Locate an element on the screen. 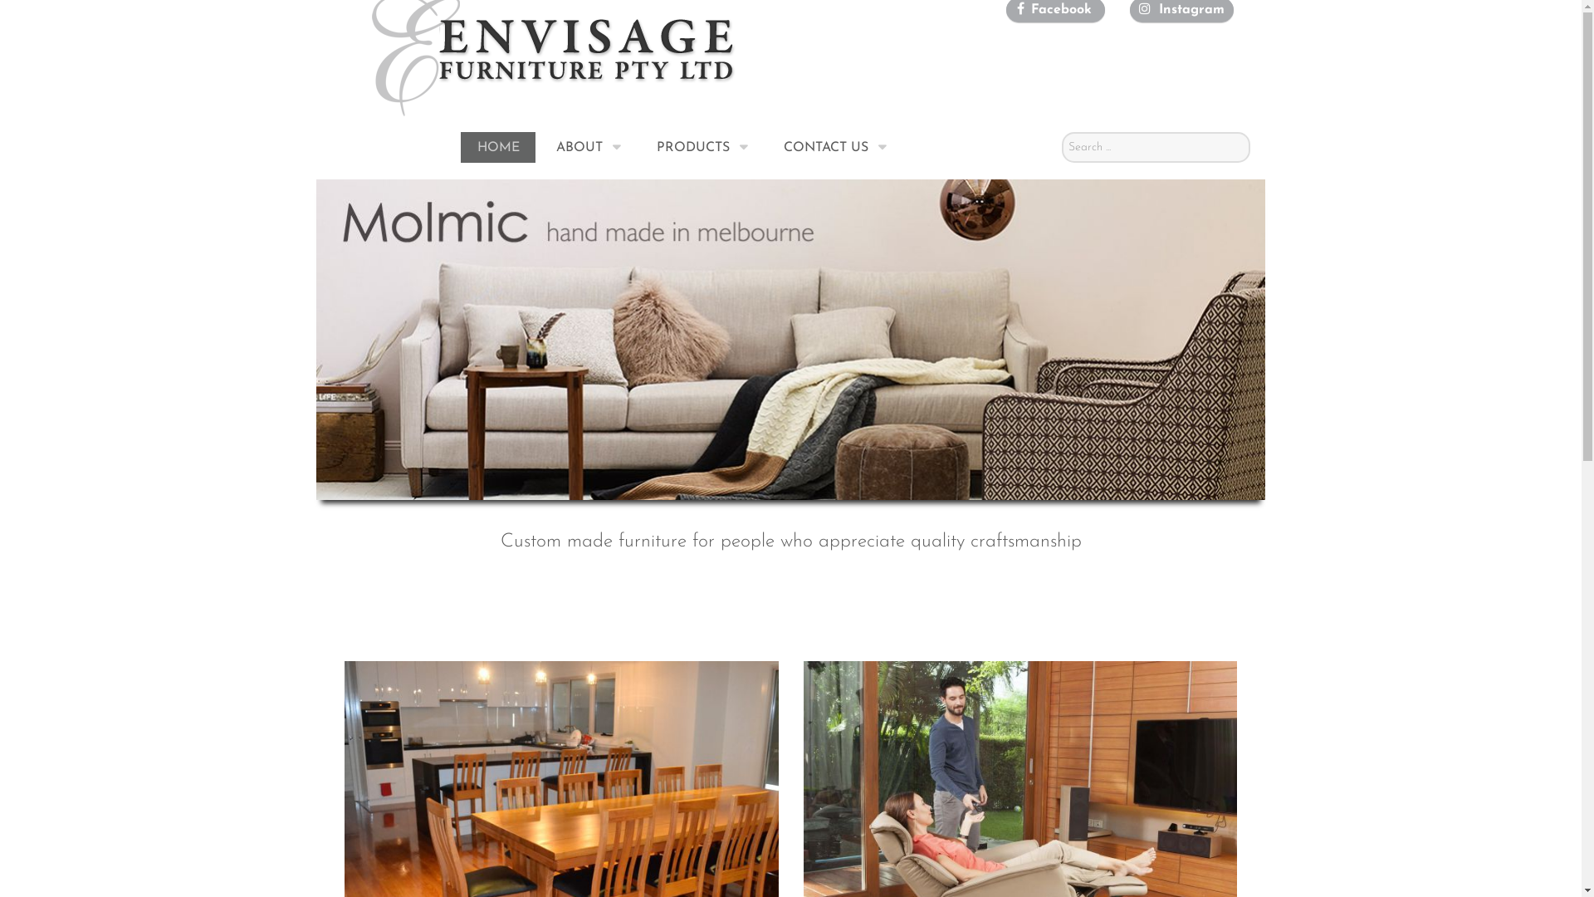  ' Instagram' is located at coordinates (1189, 9).